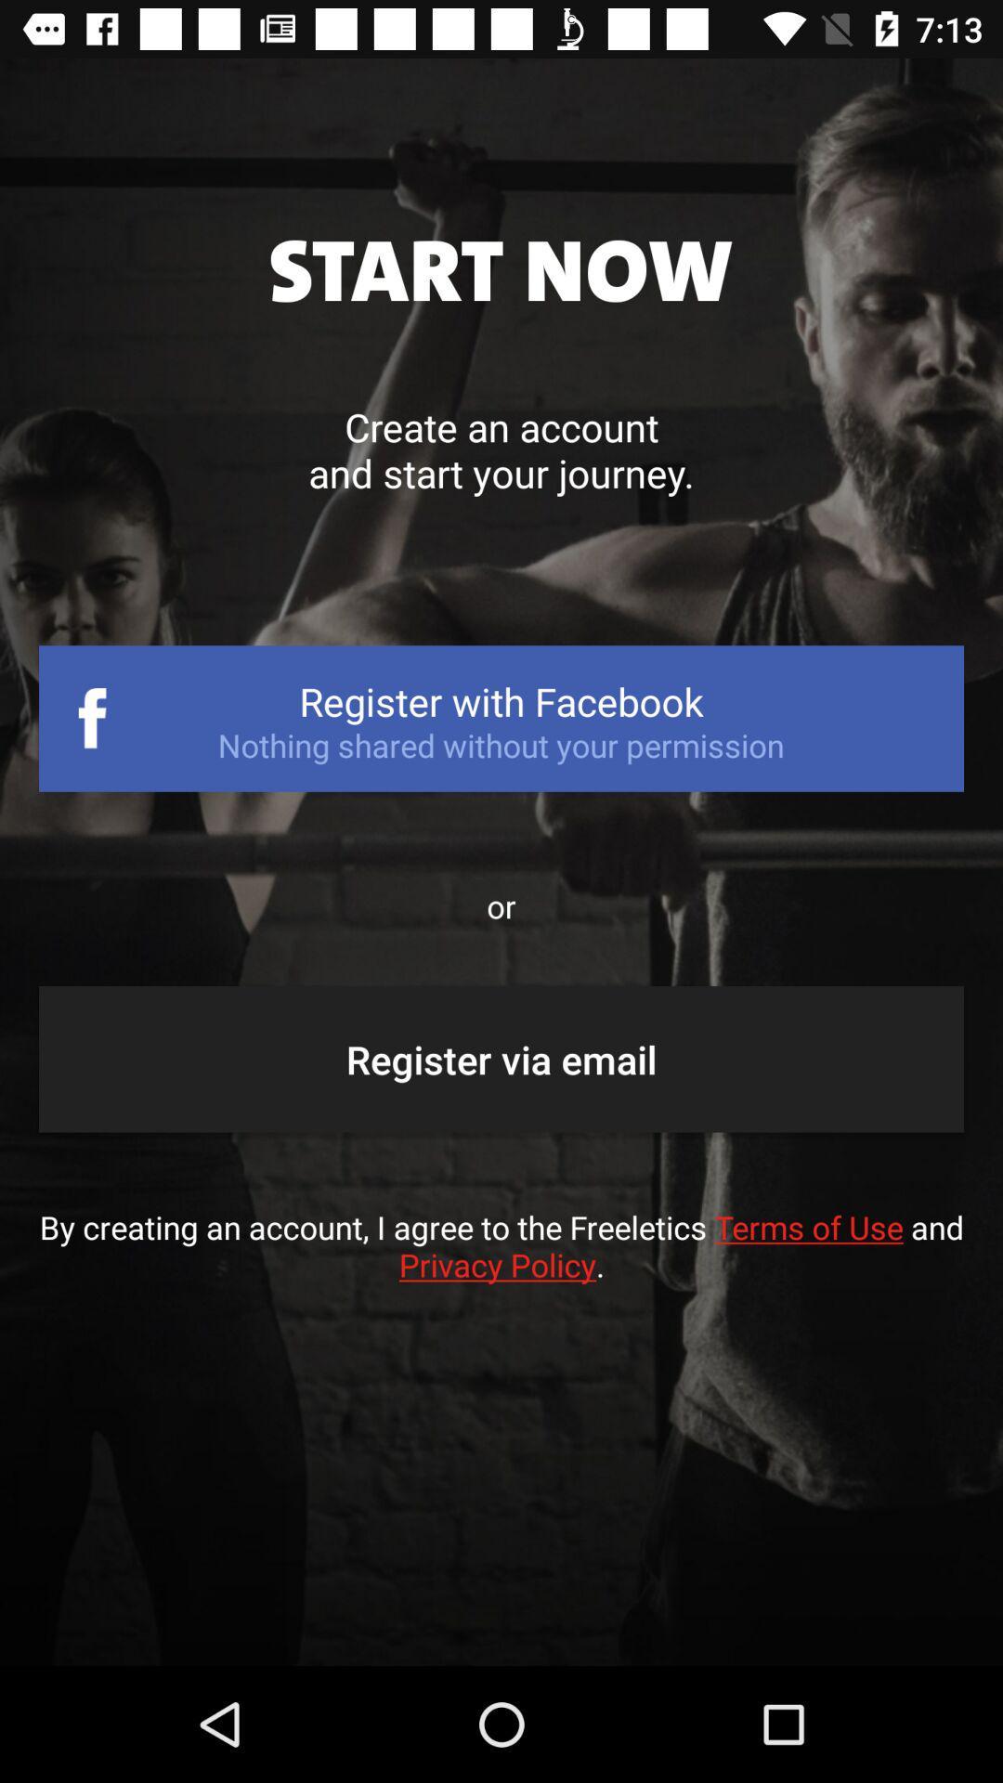 The height and width of the screenshot is (1783, 1003). Describe the element at coordinates (501, 1059) in the screenshot. I see `the icon above the by creating an` at that location.